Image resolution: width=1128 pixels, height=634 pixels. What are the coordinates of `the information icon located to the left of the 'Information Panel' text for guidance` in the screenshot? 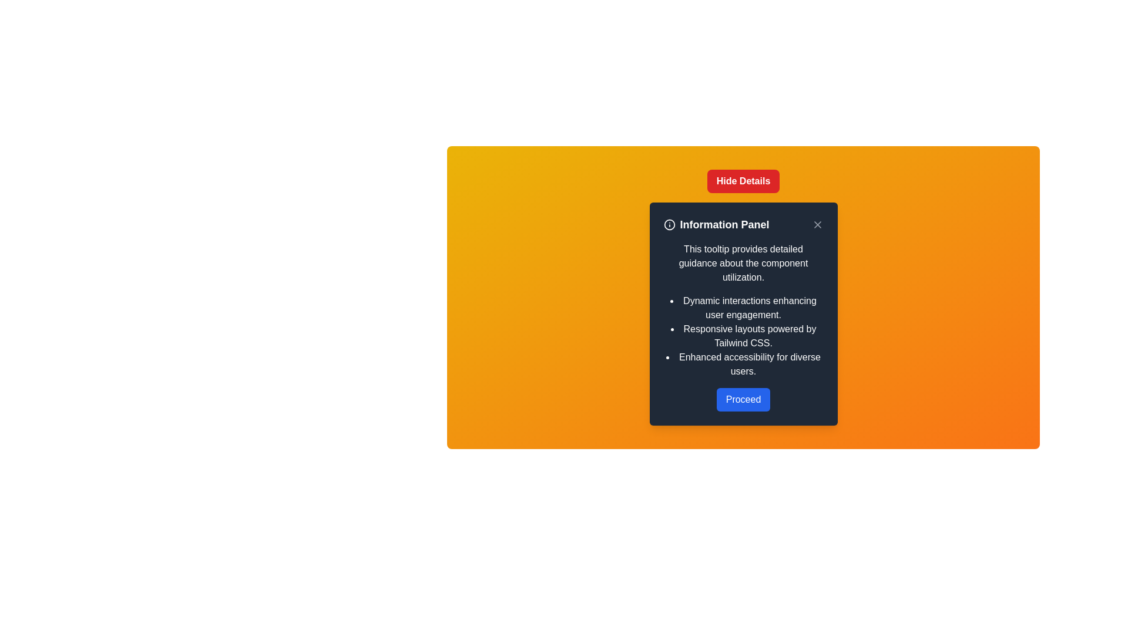 It's located at (669, 224).